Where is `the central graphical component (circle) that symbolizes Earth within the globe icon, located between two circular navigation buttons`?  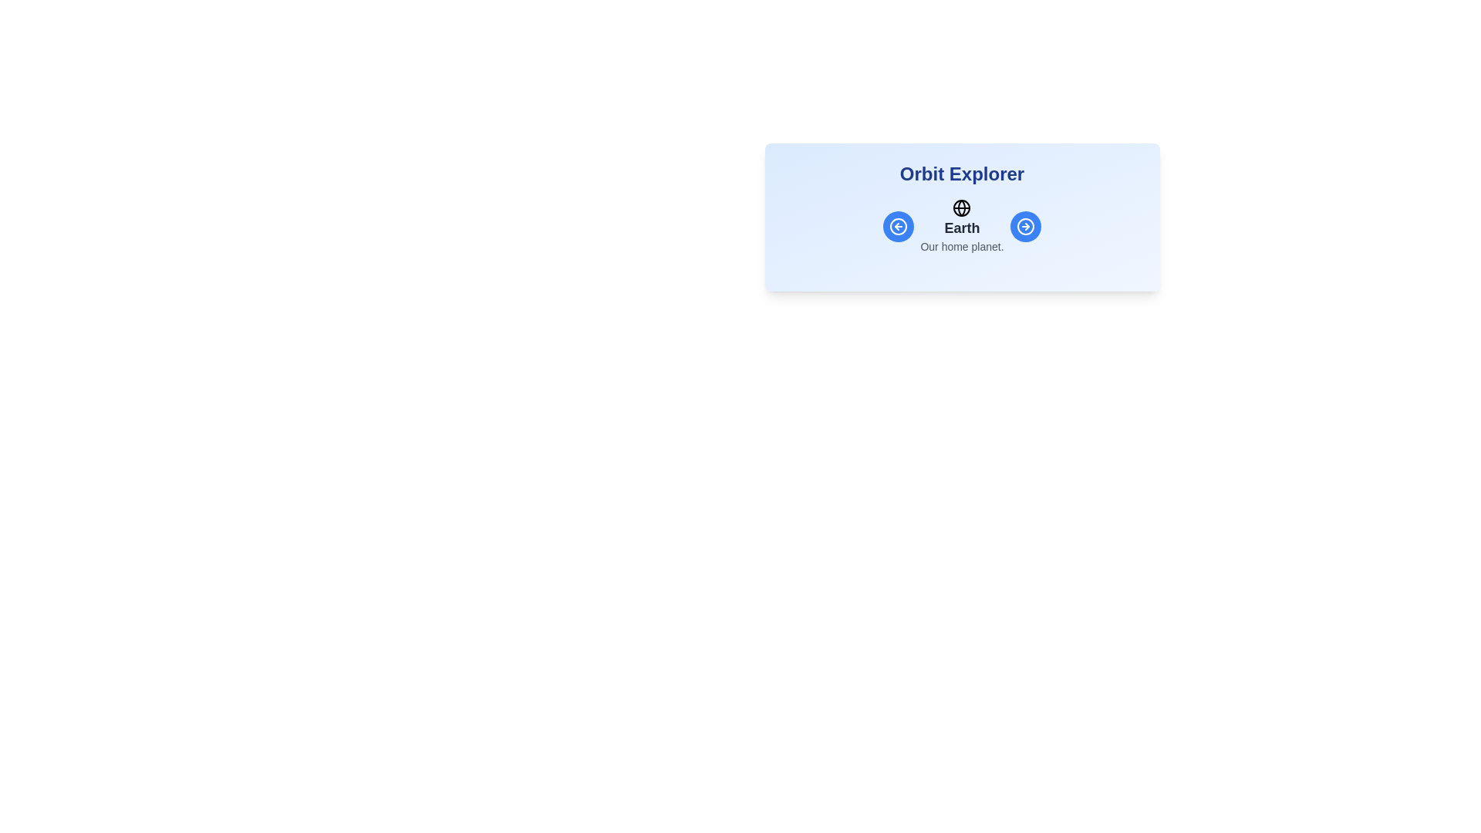 the central graphical component (circle) that symbolizes Earth within the globe icon, located between two circular navigation buttons is located at coordinates (961, 208).